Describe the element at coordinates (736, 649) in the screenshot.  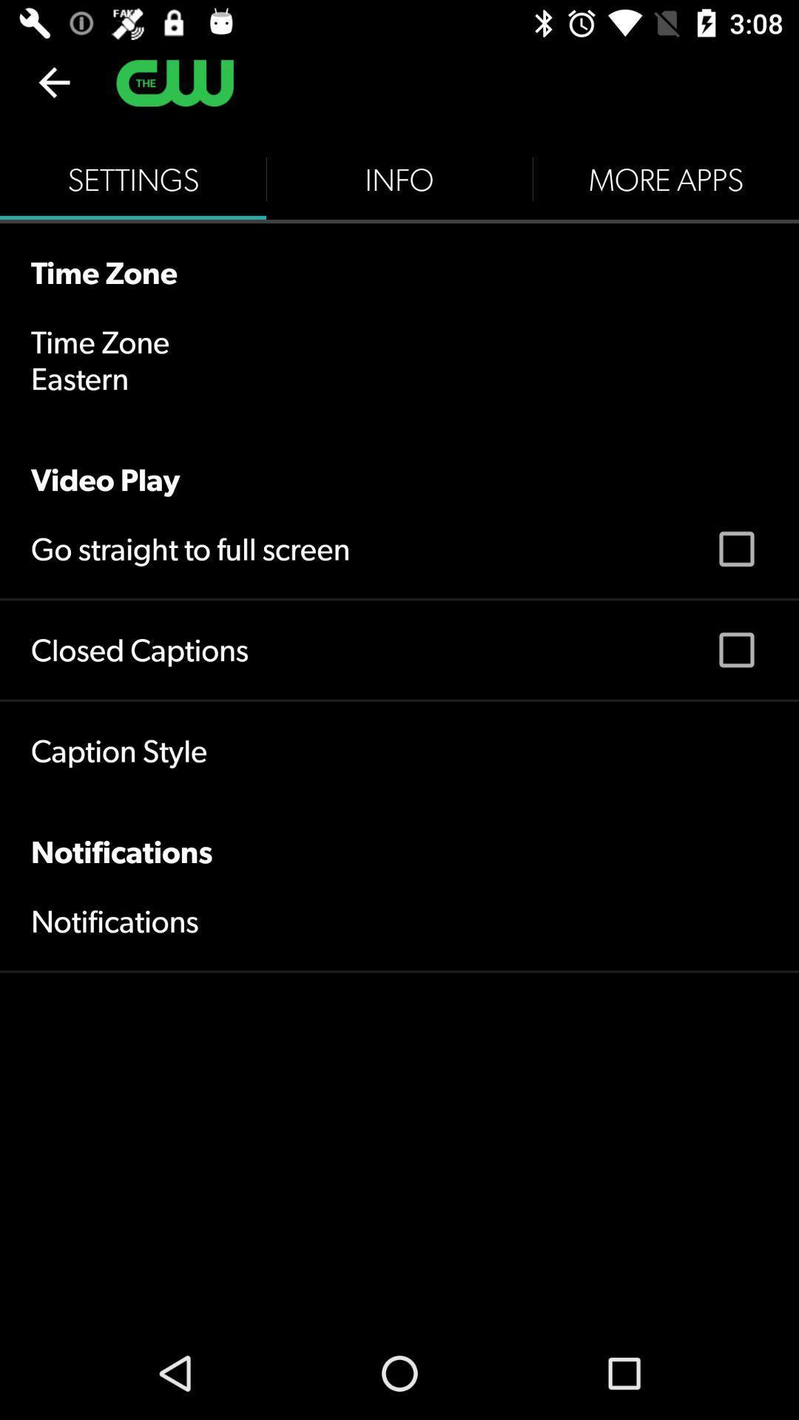
I see `the closed captions  from the right side` at that location.